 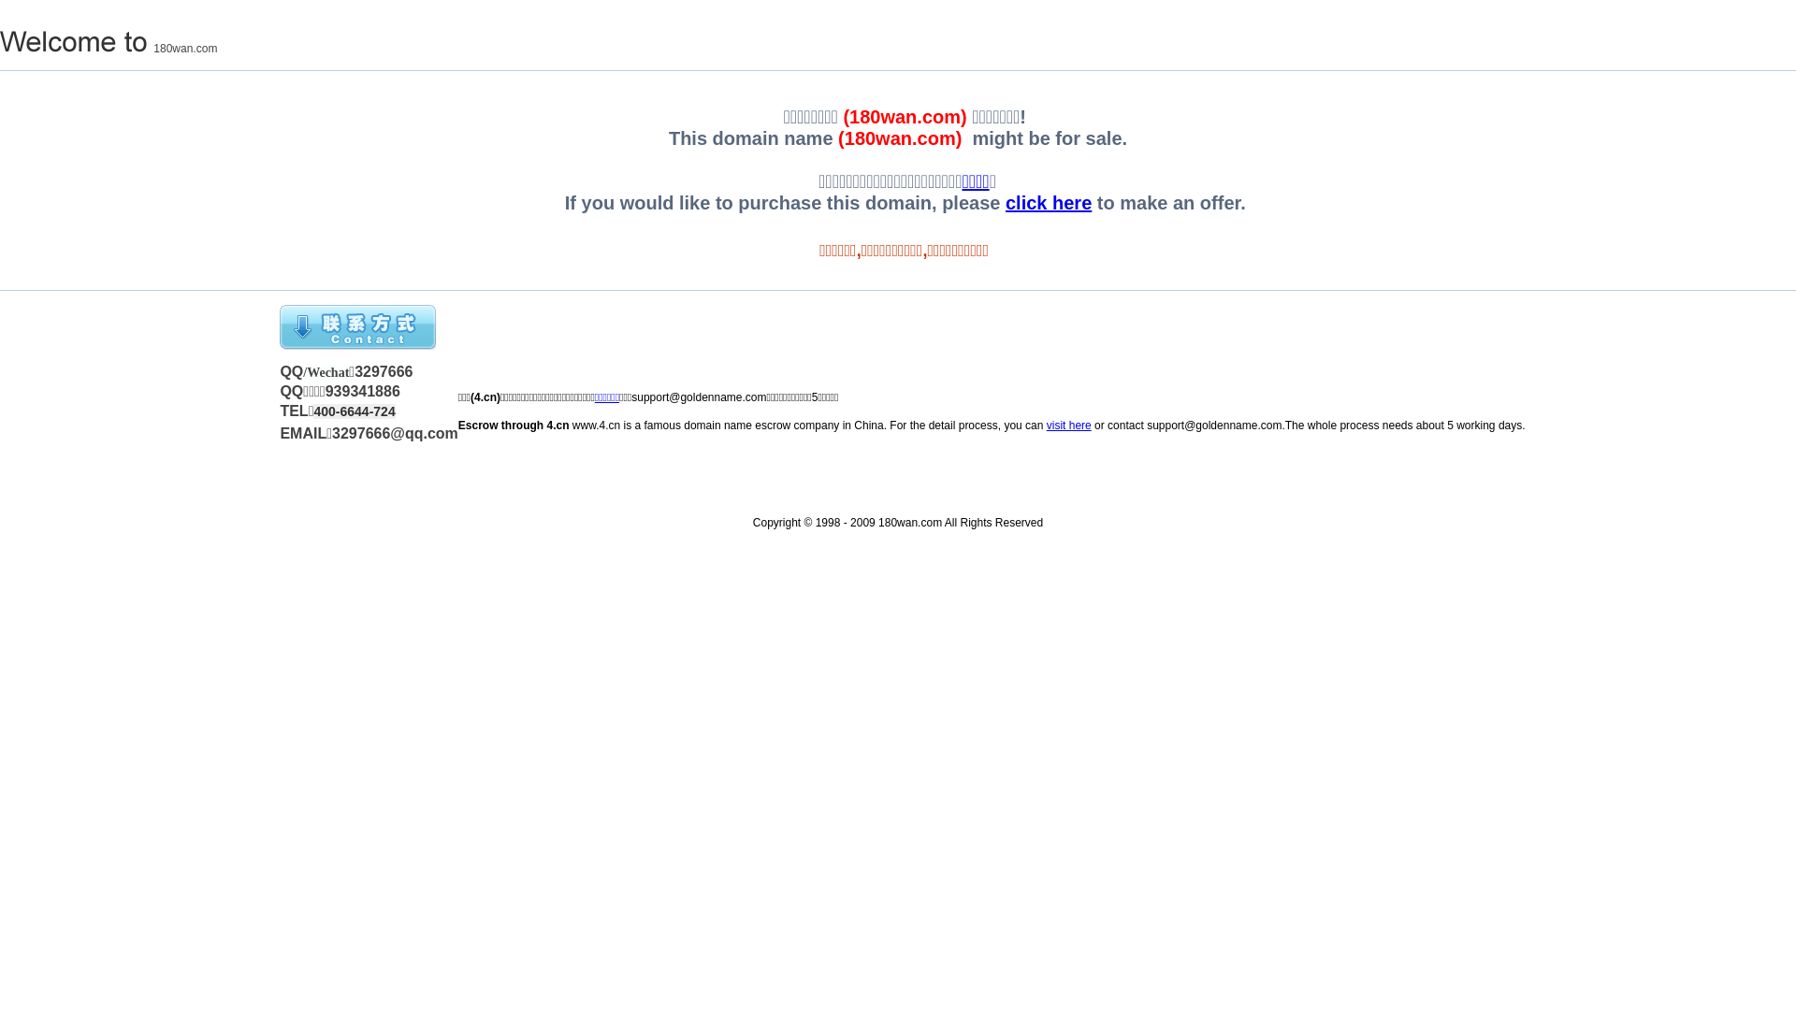 I want to click on 'visit here', so click(x=1068, y=426).